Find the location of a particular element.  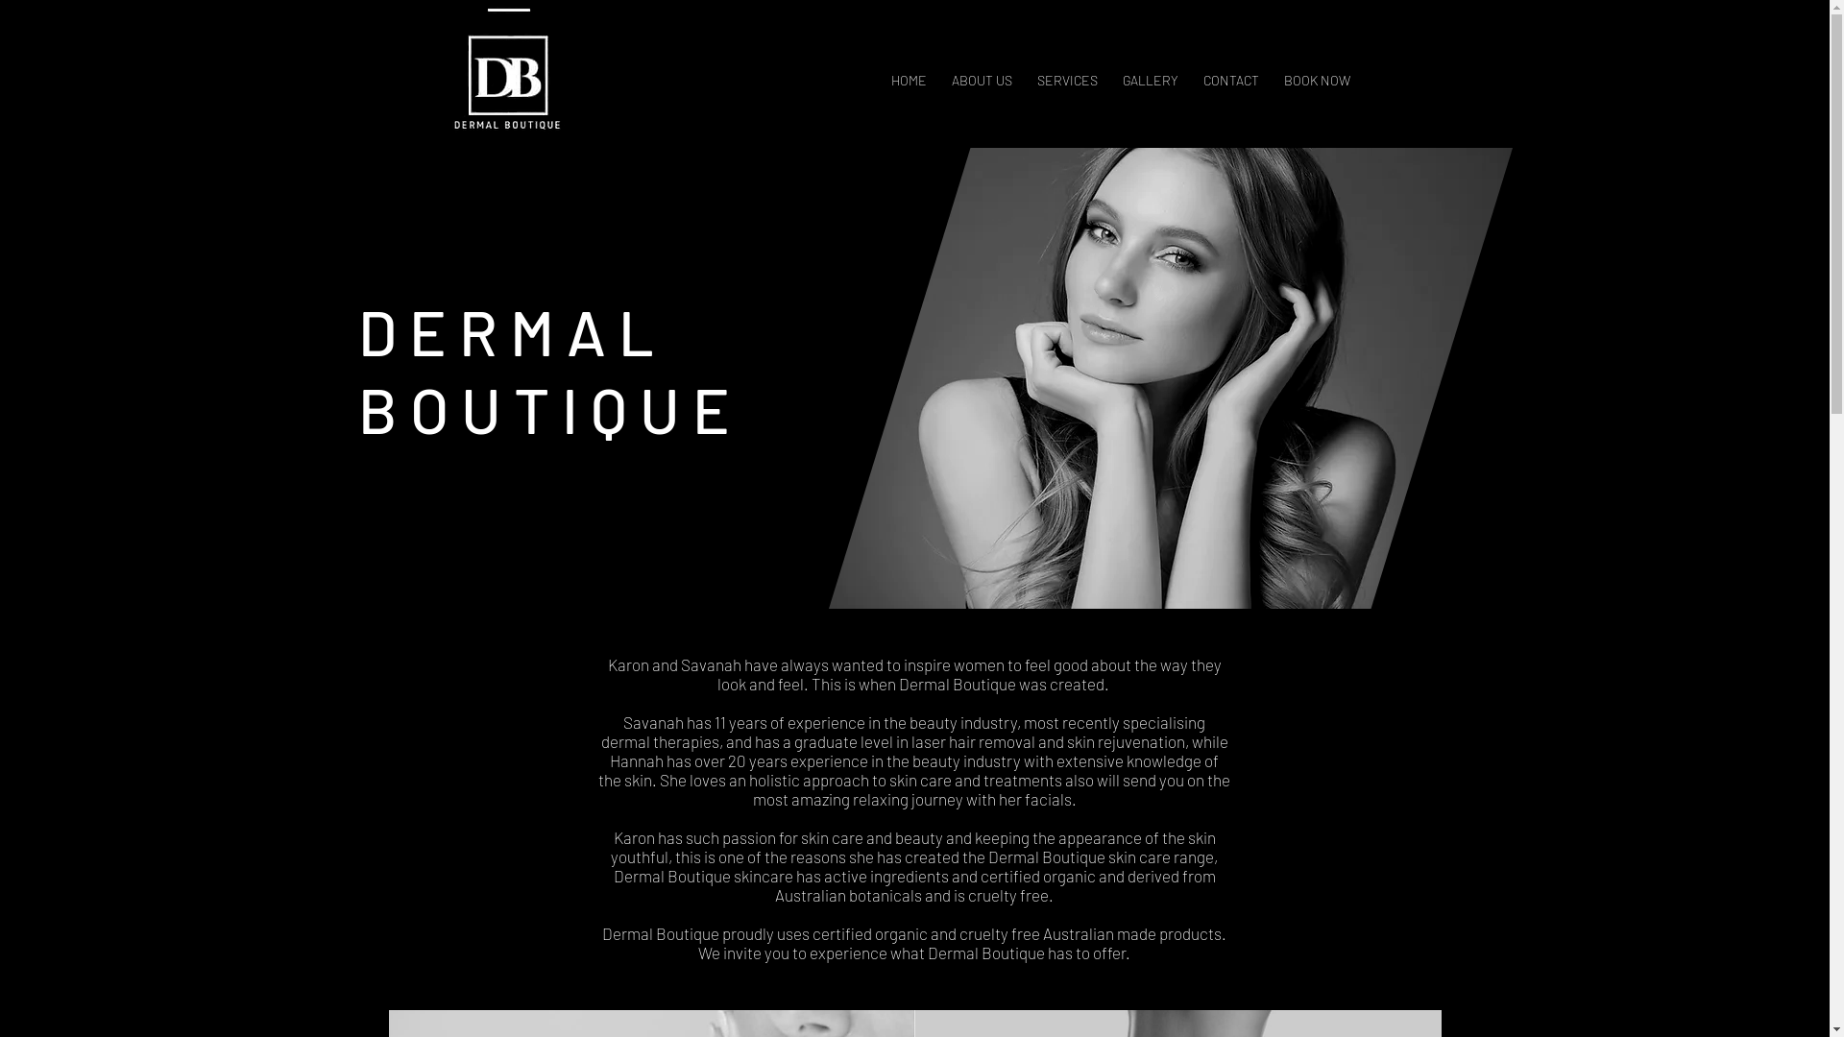

'CONTACT' is located at coordinates (1230, 70).